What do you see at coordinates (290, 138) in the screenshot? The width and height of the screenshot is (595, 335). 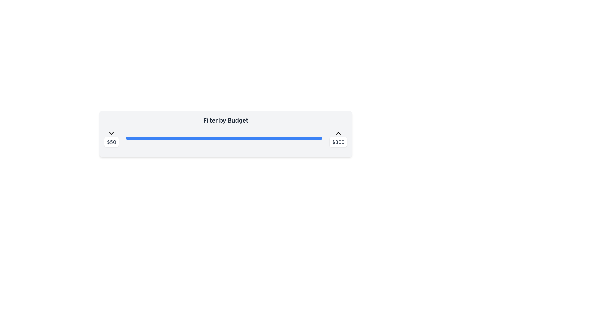 I see `the slider value` at bounding box center [290, 138].